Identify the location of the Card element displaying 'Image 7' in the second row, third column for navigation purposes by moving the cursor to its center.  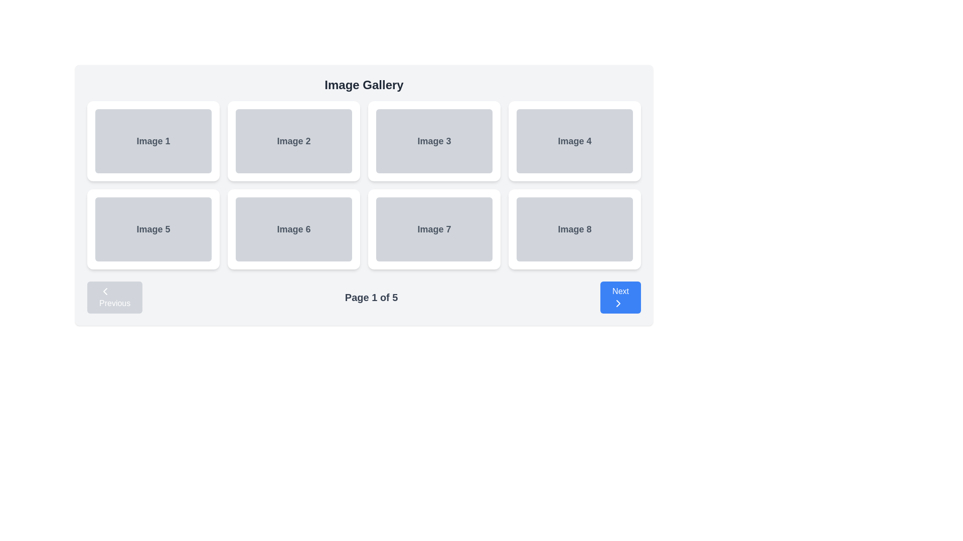
(434, 229).